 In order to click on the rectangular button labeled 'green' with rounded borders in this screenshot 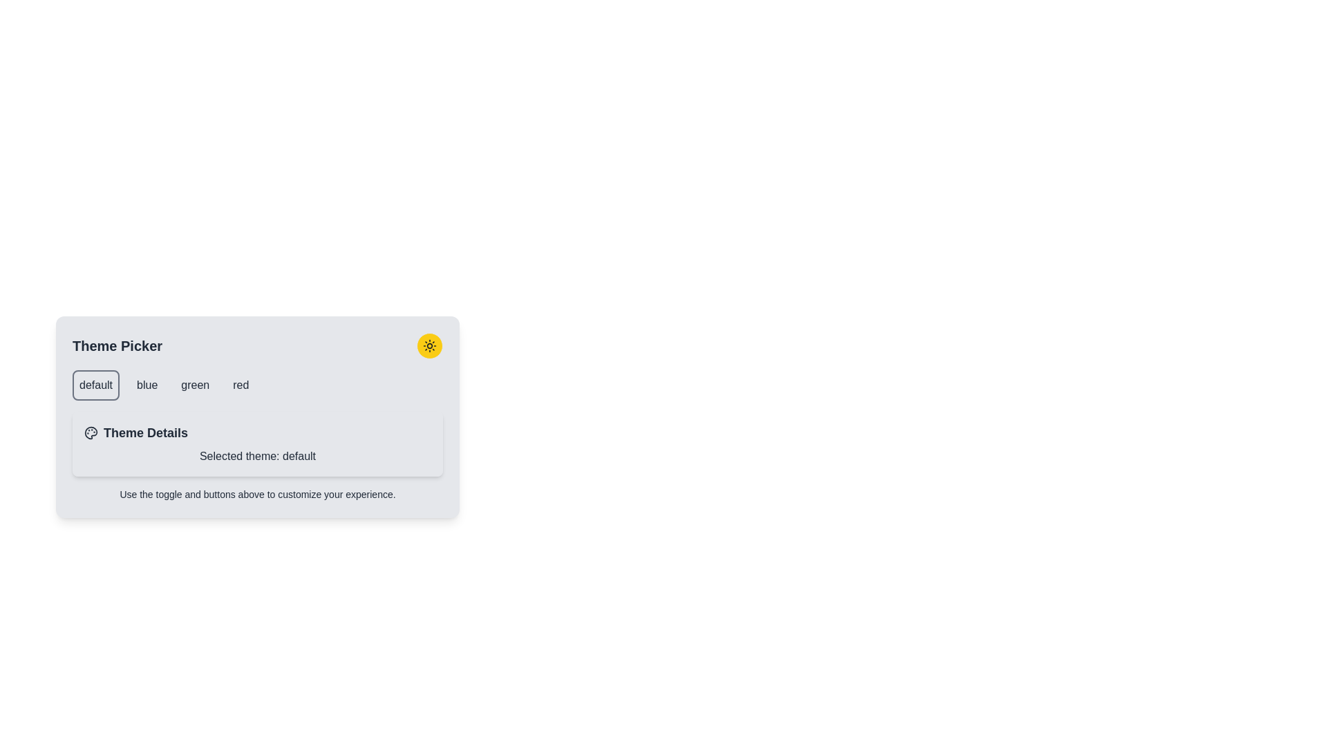, I will do `click(194, 385)`.